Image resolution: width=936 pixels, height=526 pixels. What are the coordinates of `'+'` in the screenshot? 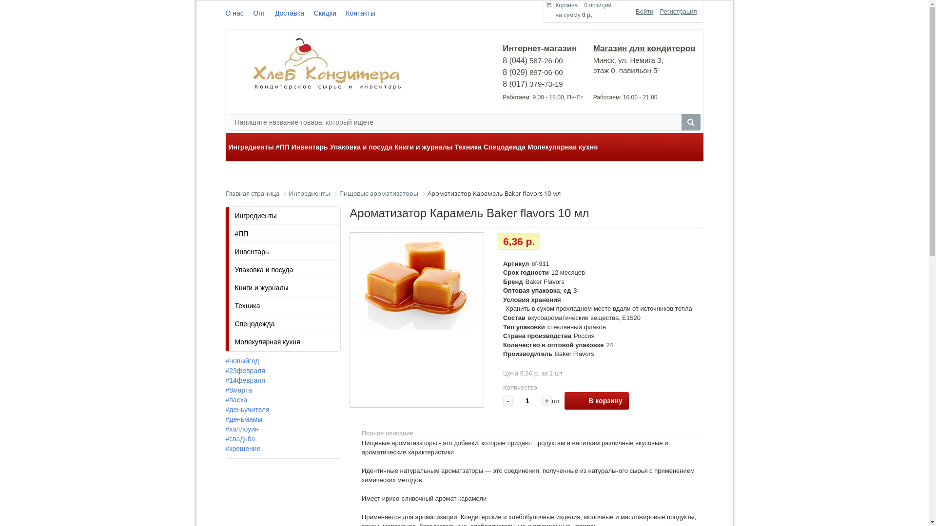 It's located at (542, 400).